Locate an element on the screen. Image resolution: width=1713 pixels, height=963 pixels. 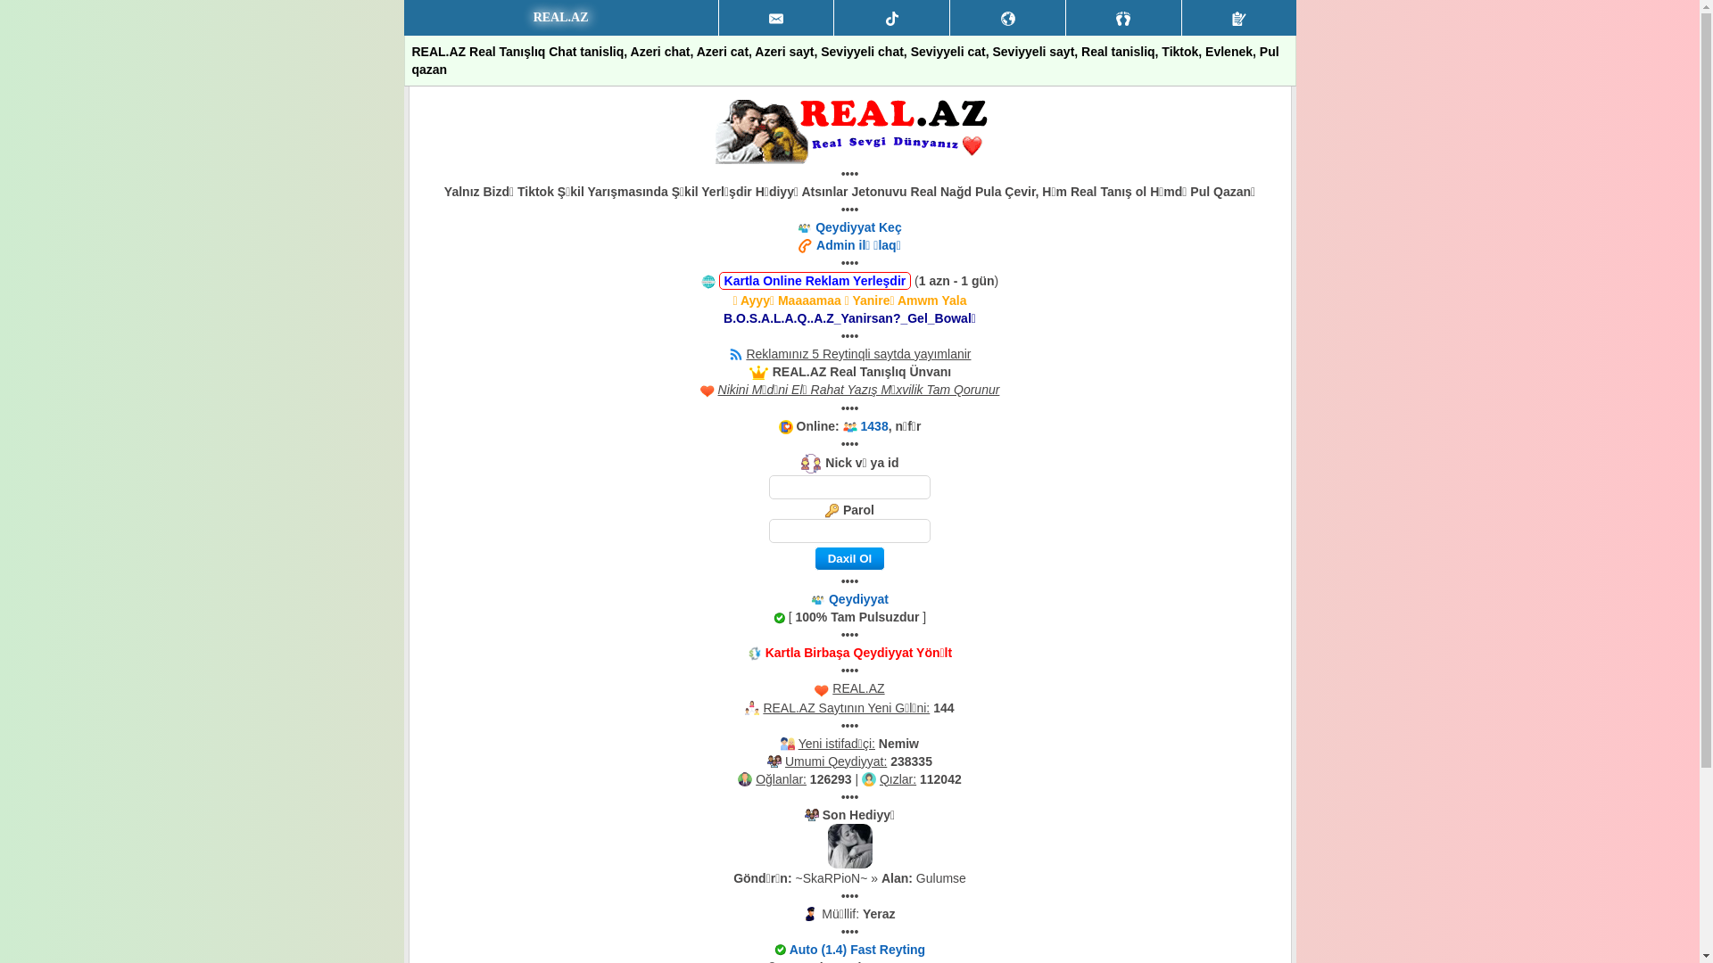
'Auto (1.4) Fast Reyting' is located at coordinates (856, 948).